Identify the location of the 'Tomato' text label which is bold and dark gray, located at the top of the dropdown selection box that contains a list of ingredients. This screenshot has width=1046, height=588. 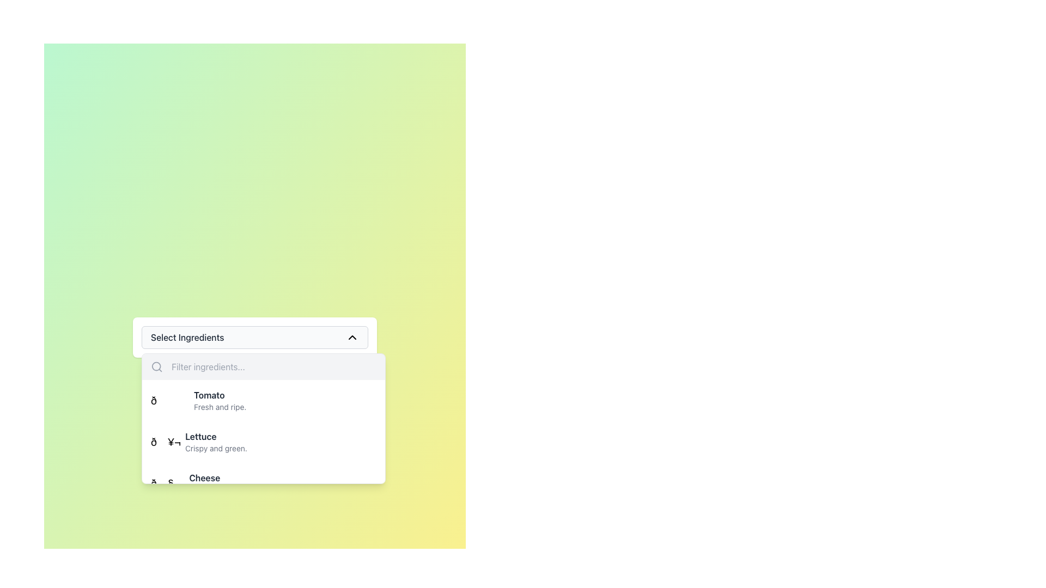
(219, 395).